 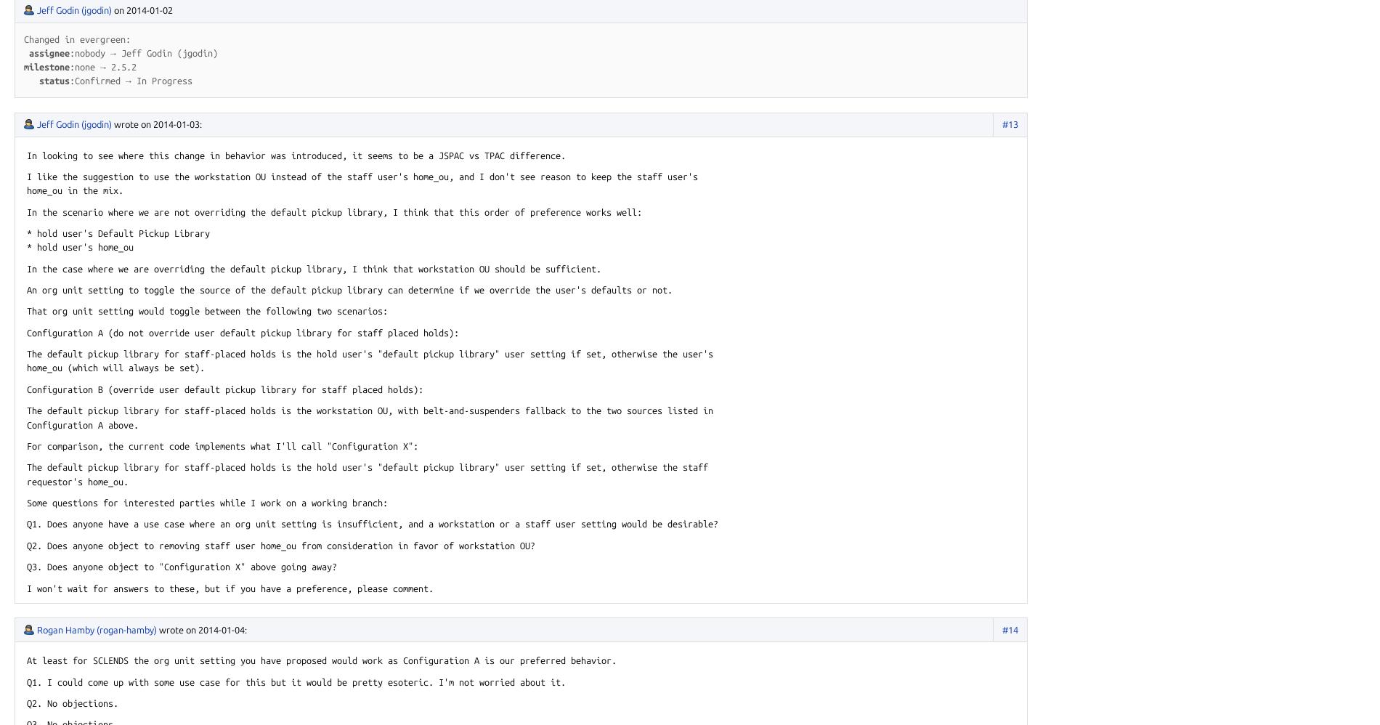 I want to click on 'In the case where we are overriding the default pickup library, I think that workstation OU should be sufficient.', so click(x=27, y=267).